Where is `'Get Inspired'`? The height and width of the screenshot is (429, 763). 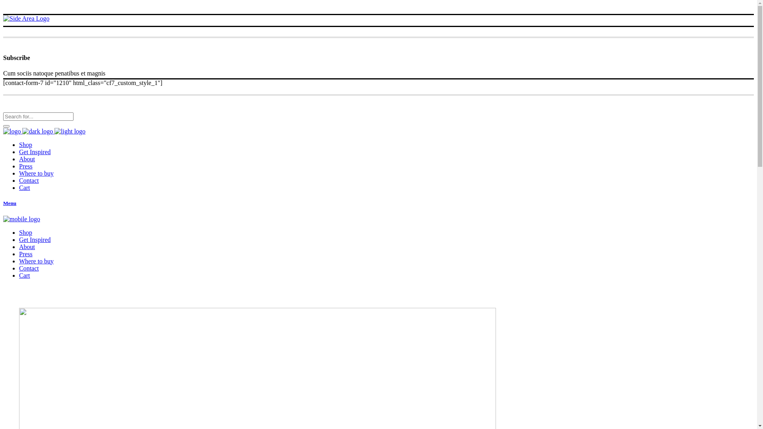
'Get Inspired' is located at coordinates (34, 152).